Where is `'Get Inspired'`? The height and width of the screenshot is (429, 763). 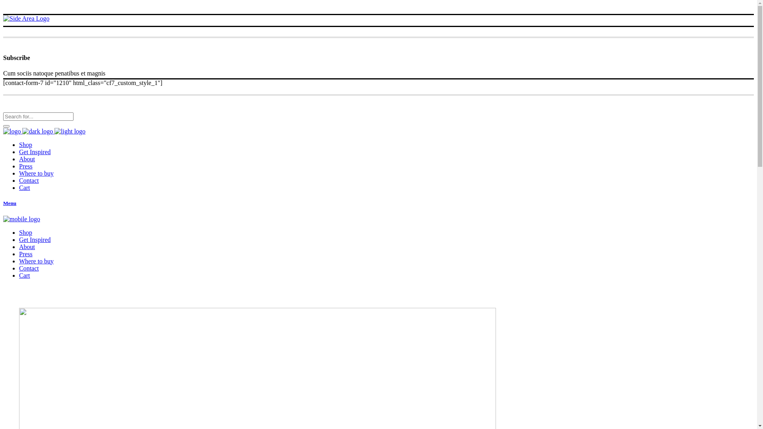
'Get Inspired' is located at coordinates (34, 152).